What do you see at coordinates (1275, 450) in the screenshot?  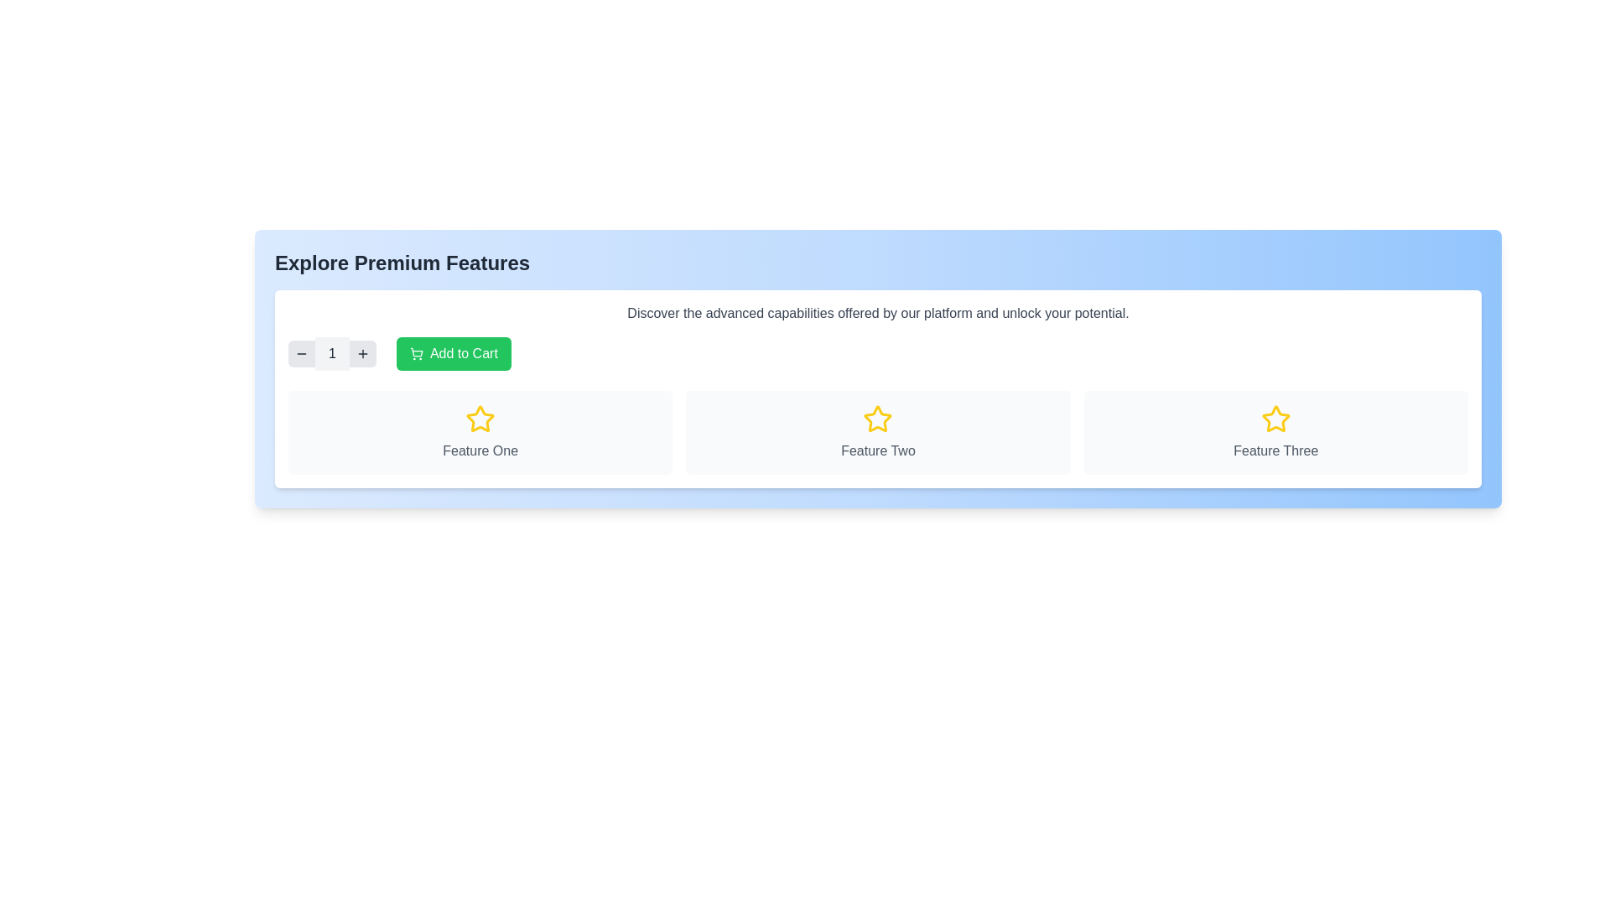 I see `the Text label located in the third column beneath the yellow star icon, within a rounded white background` at bounding box center [1275, 450].